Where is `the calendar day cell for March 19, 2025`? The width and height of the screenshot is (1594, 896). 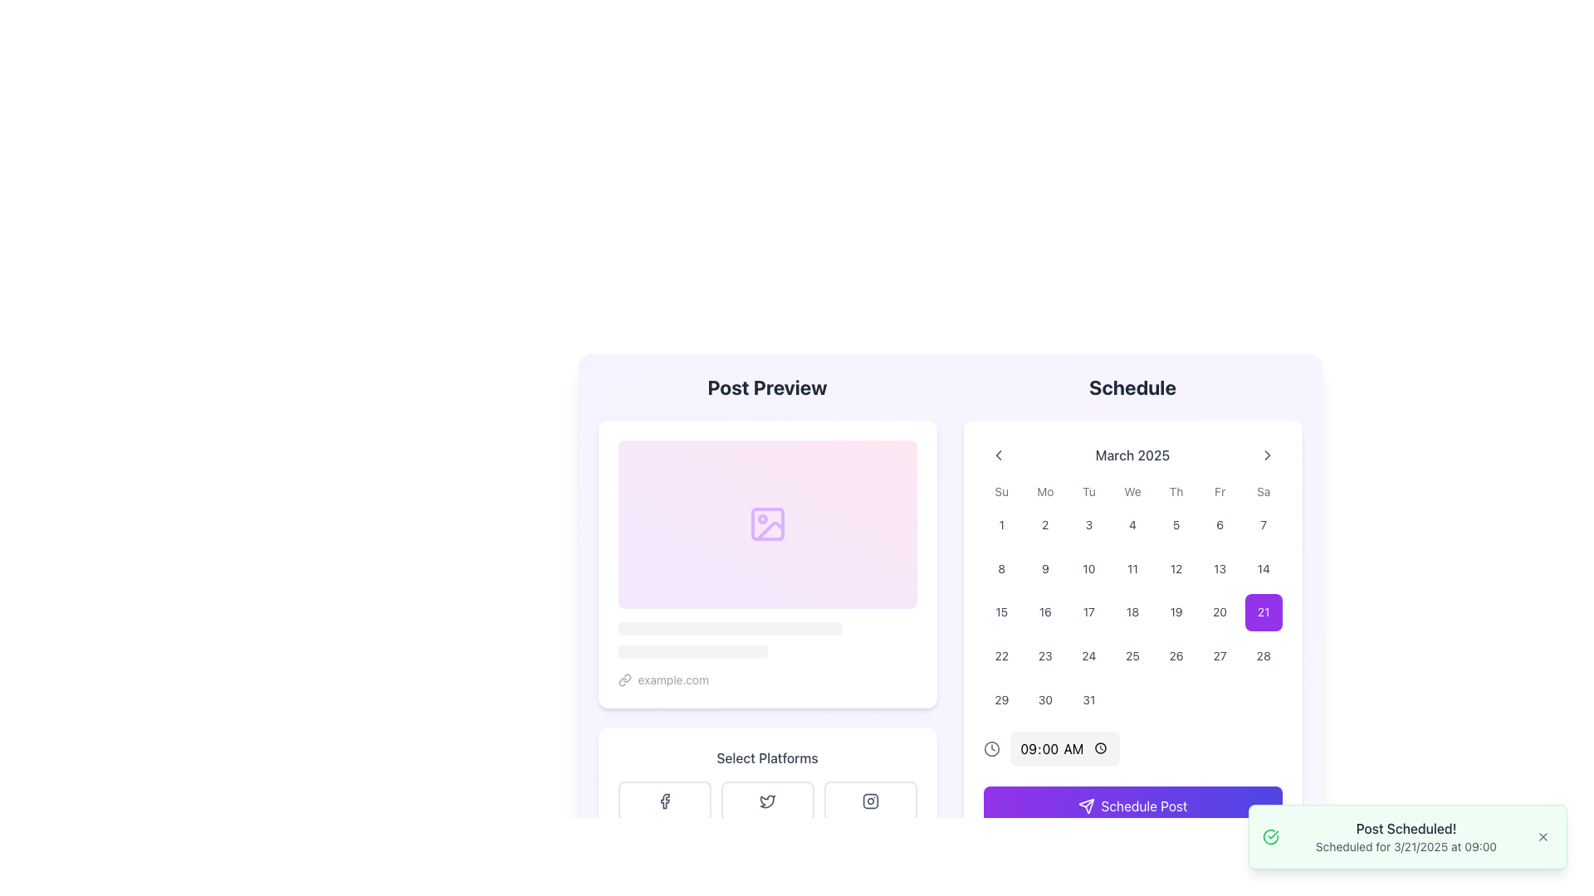 the calendar day cell for March 19, 2025 is located at coordinates (1176, 612).